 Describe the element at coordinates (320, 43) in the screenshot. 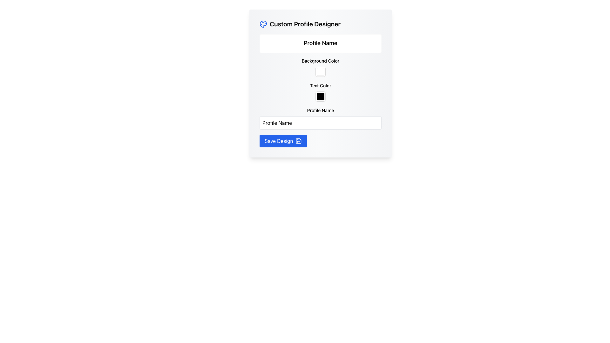

I see `the 'Profile Name' static label that is located in the 'Custom Profile Designer' section, which is a rectangular box with a light gray background and centered black text` at that location.